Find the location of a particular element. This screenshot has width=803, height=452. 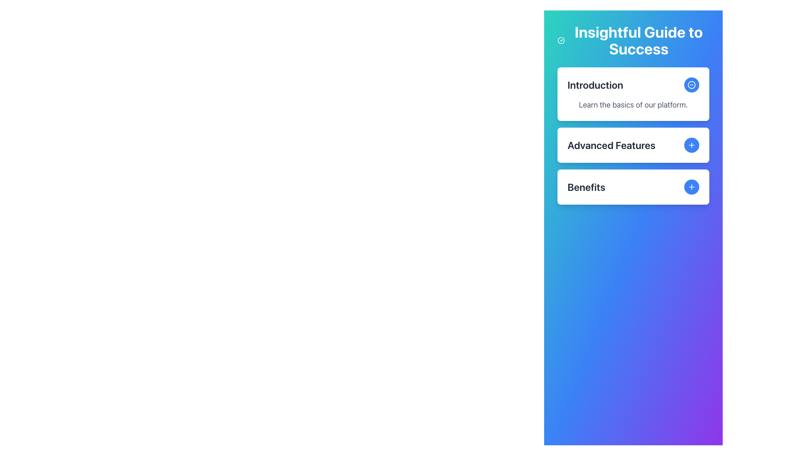

the 'Advanced Features' card component, which is the second card in a vertical stack is located at coordinates (633, 135).